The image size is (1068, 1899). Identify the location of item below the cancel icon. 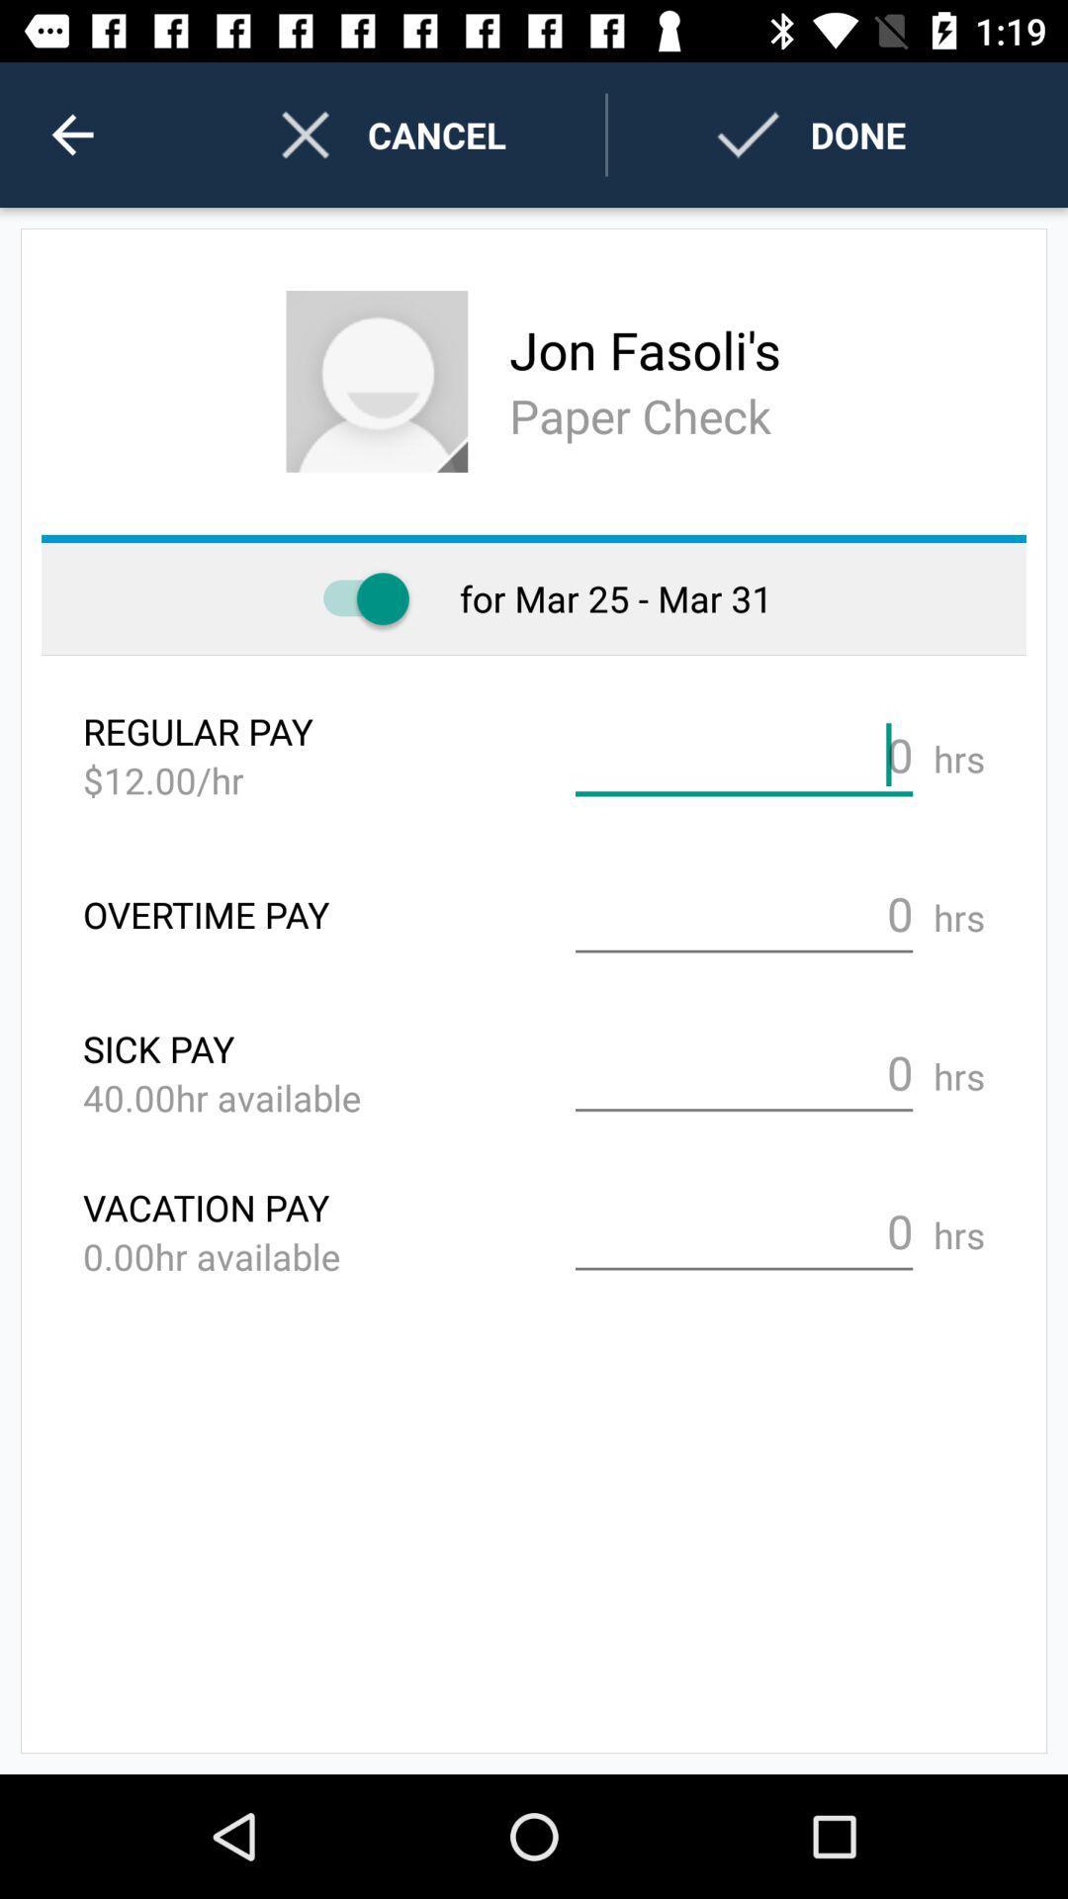
(377, 381).